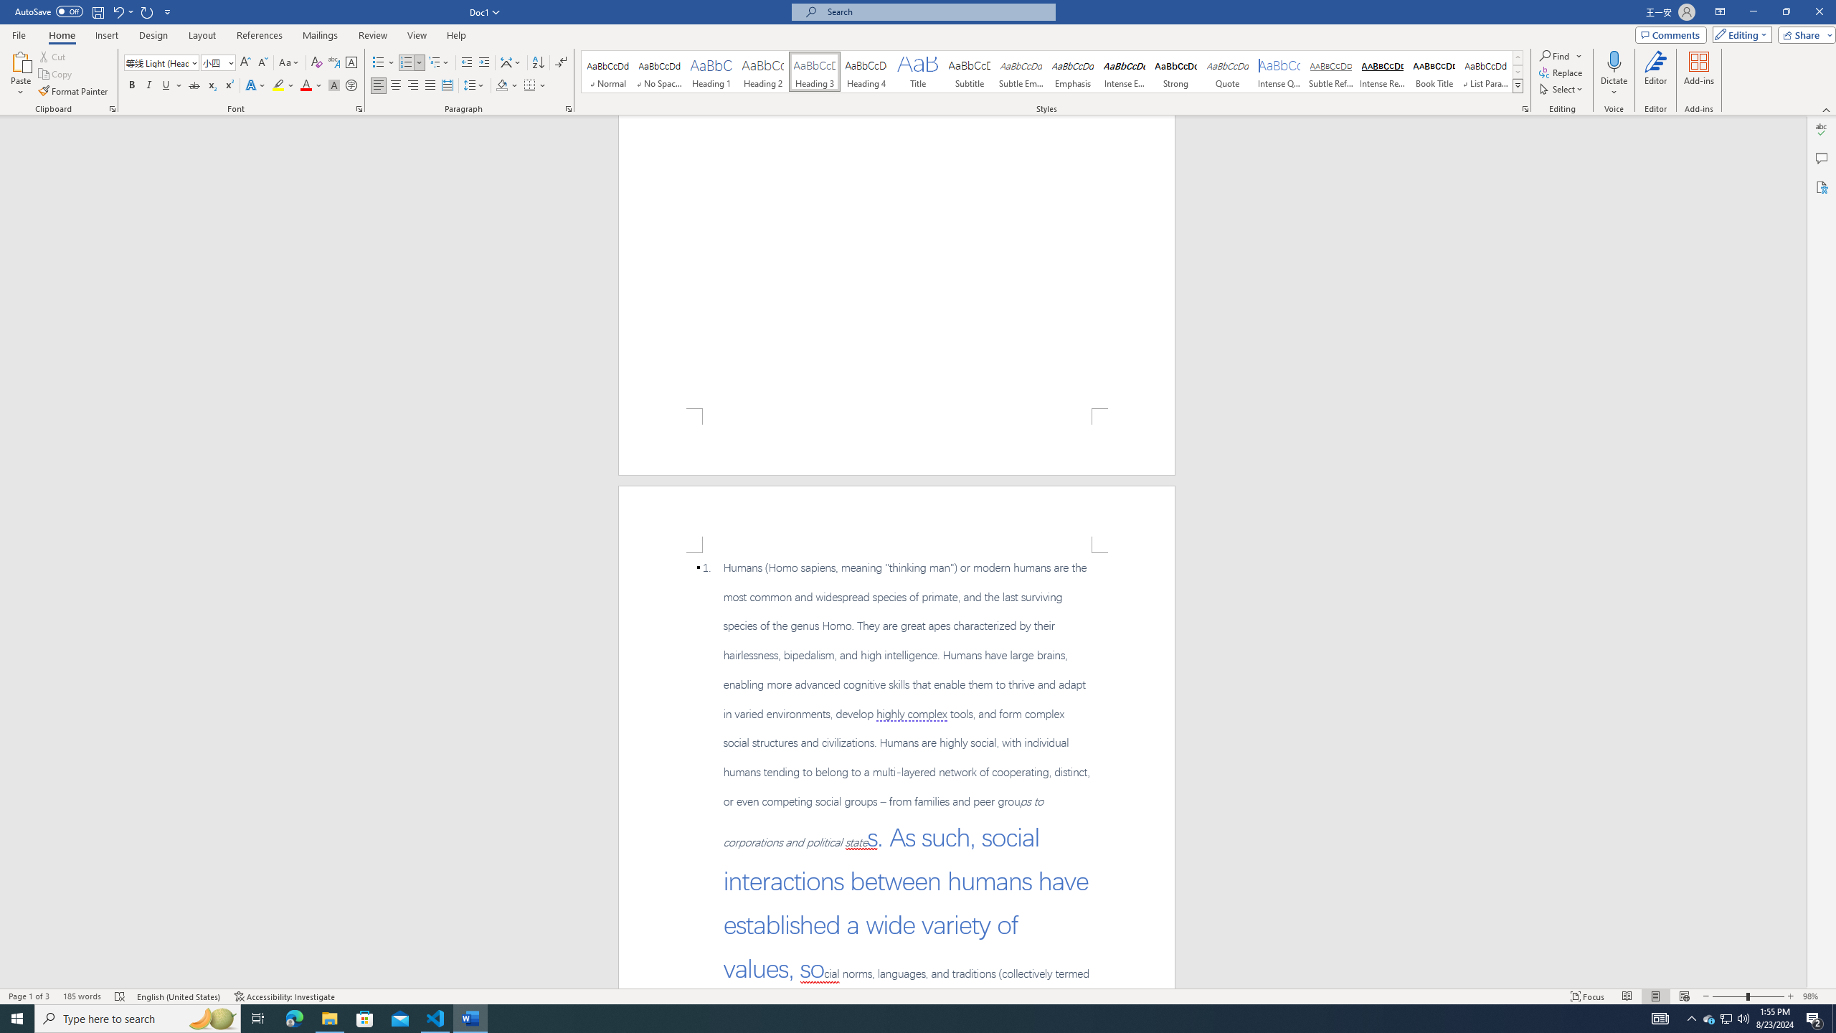 The width and height of the screenshot is (1836, 1033). Describe the element at coordinates (896, 261) in the screenshot. I see `'Page 1 content'` at that location.